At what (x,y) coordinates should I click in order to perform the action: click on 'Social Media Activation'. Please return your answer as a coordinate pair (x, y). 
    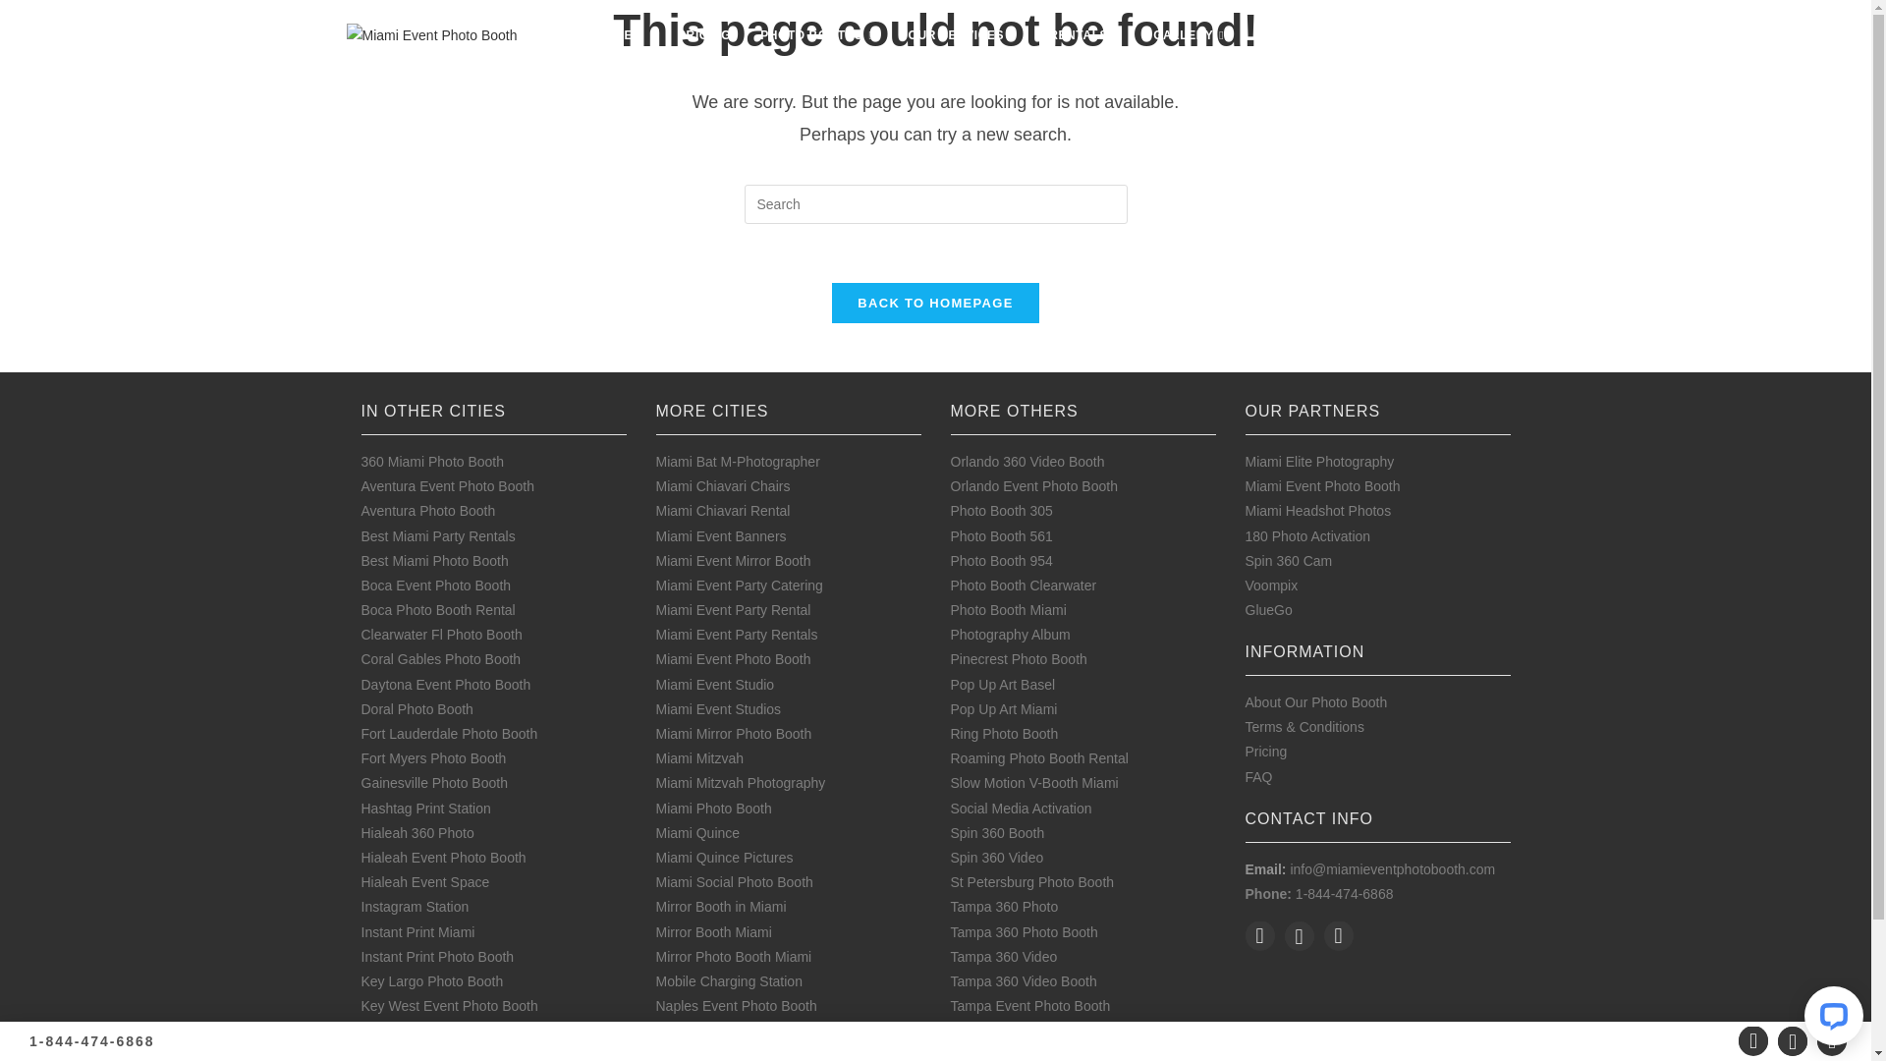
    Looking at the image, I should click on (1022, 808).